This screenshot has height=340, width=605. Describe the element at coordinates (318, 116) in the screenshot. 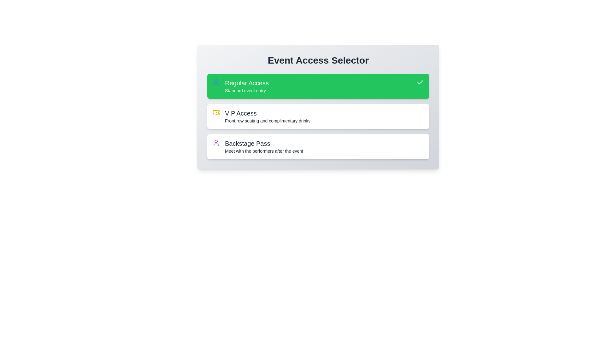

I see `the VIP access card, which is the second card in a vertical list of three cards` at that location.